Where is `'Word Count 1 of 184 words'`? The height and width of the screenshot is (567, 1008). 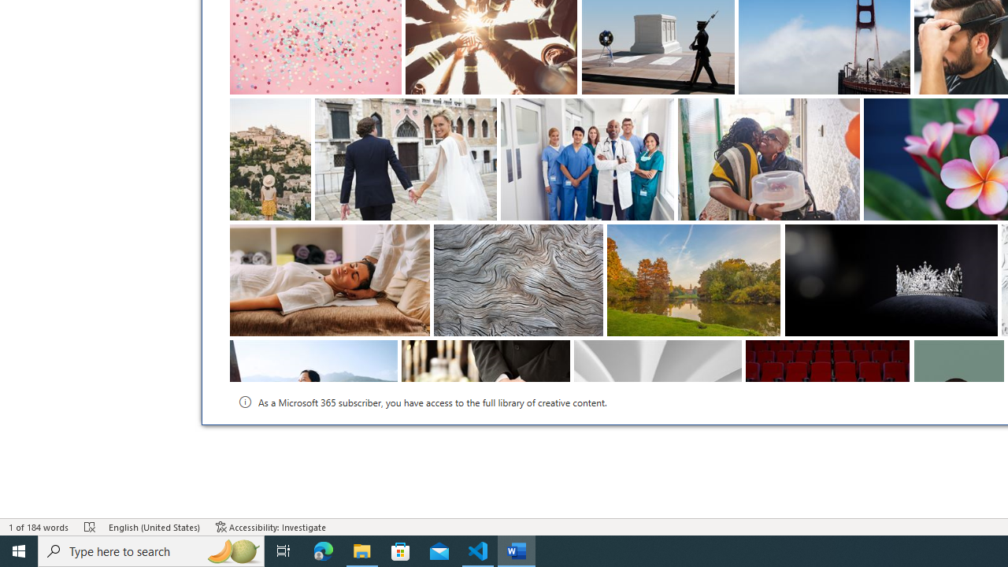
'Word Count 1 of 184 words' is located at coordinates (39, 527).